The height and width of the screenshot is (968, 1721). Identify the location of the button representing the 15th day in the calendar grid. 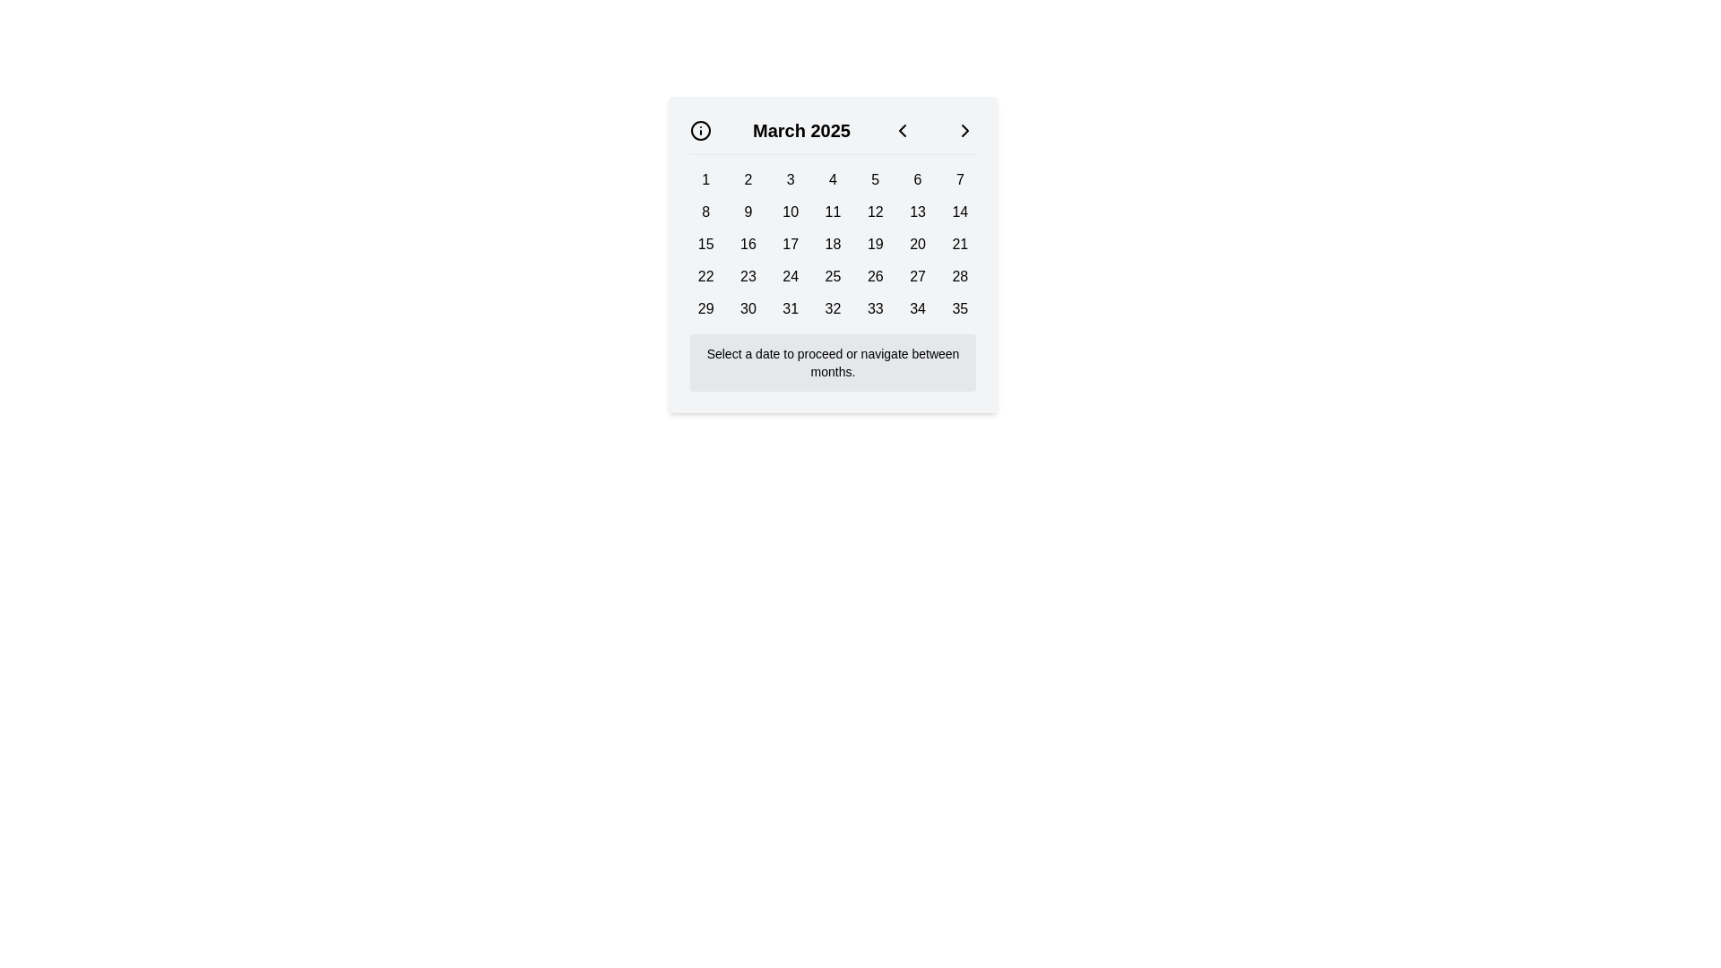
(705, 245).